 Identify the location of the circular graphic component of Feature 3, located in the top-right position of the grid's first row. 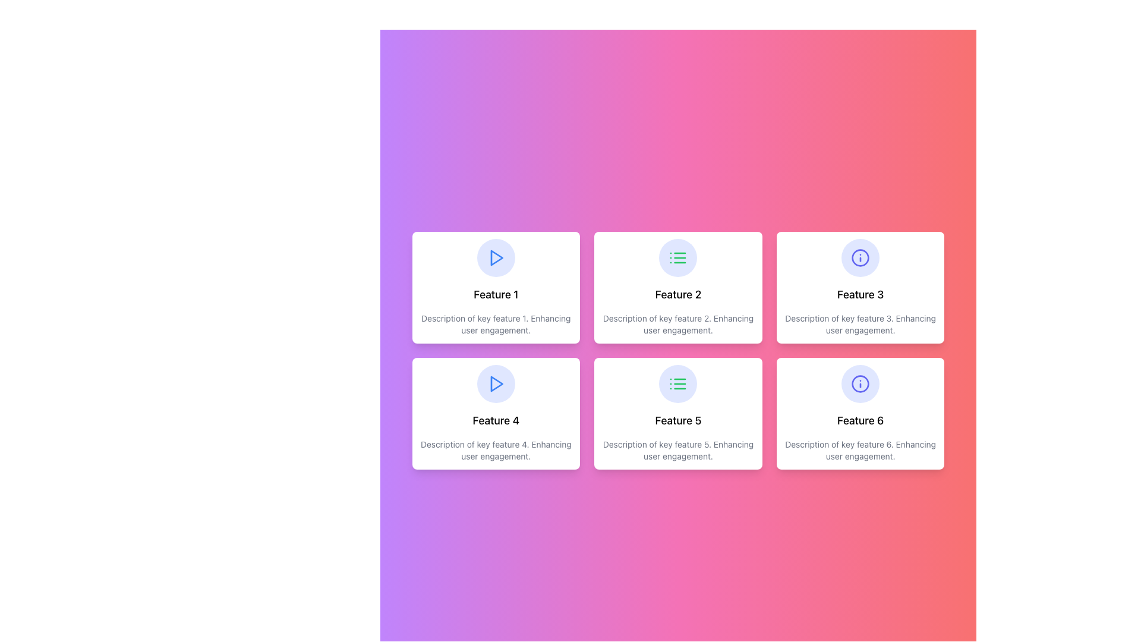
(861, 383).